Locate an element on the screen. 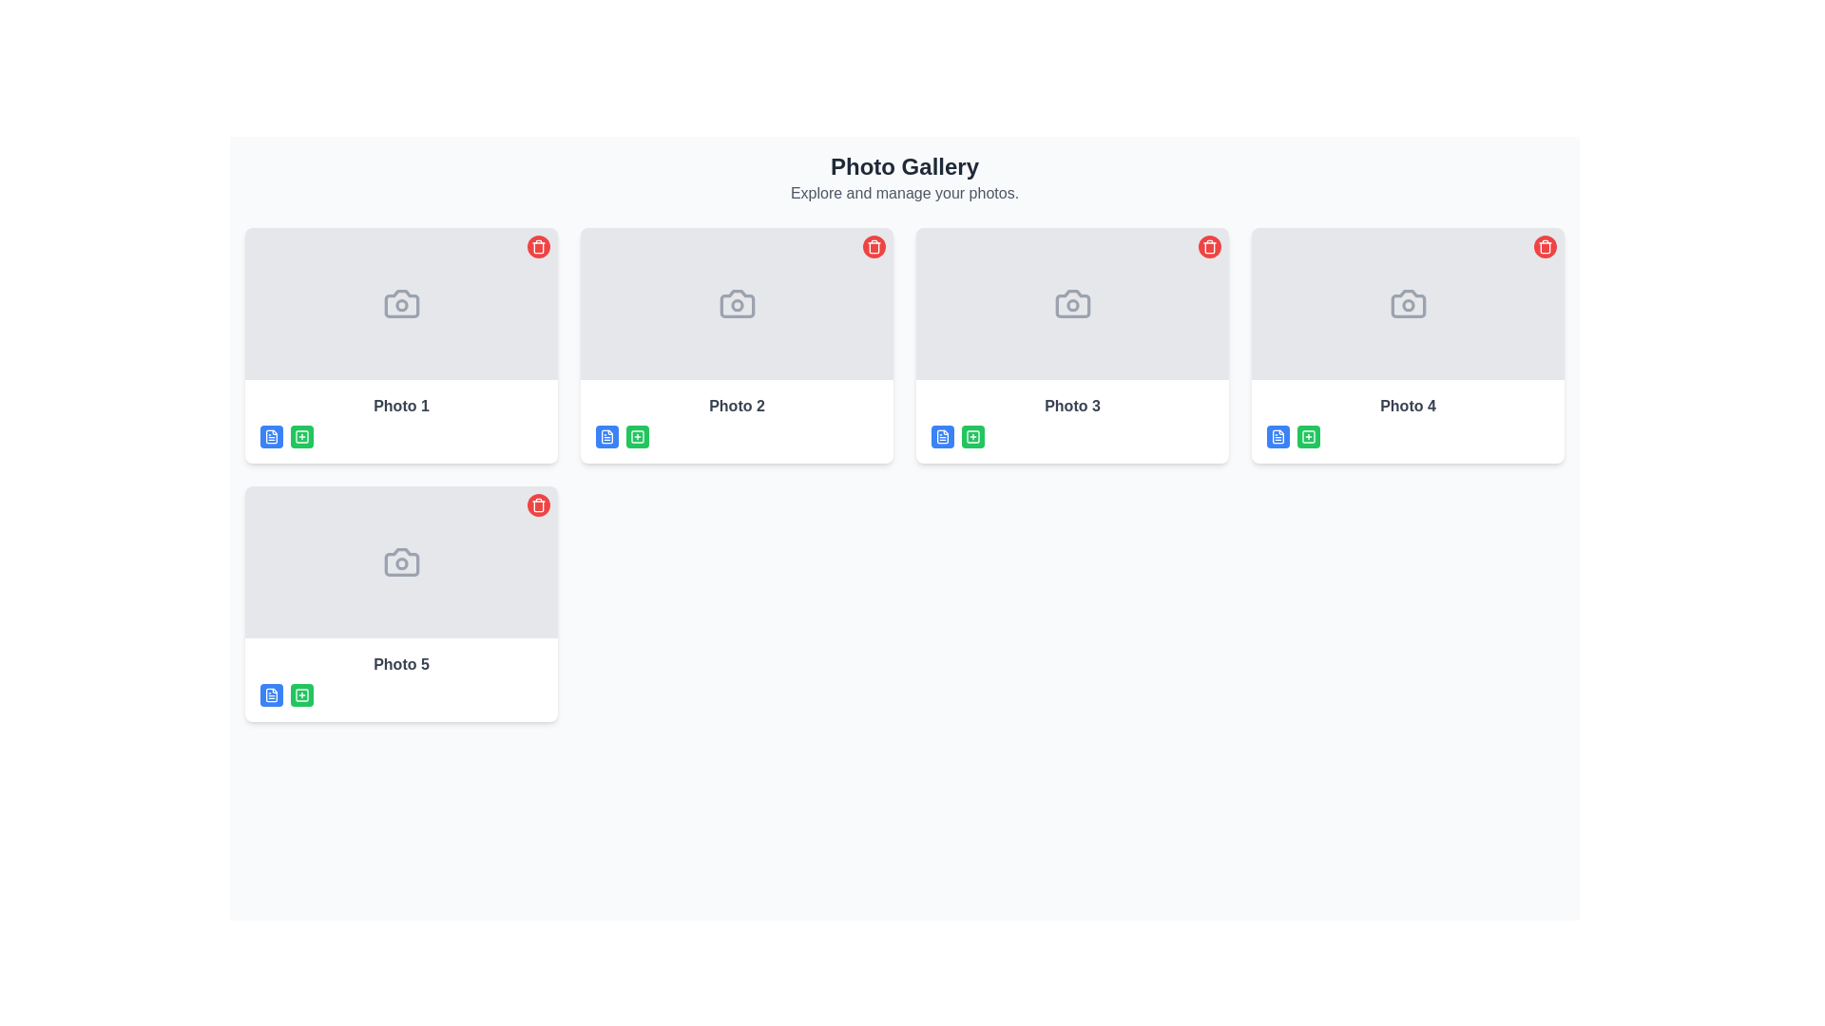  the button located below the 'Photo 3' thumbnail in the gallery grid is located at coordinates (972, 436).